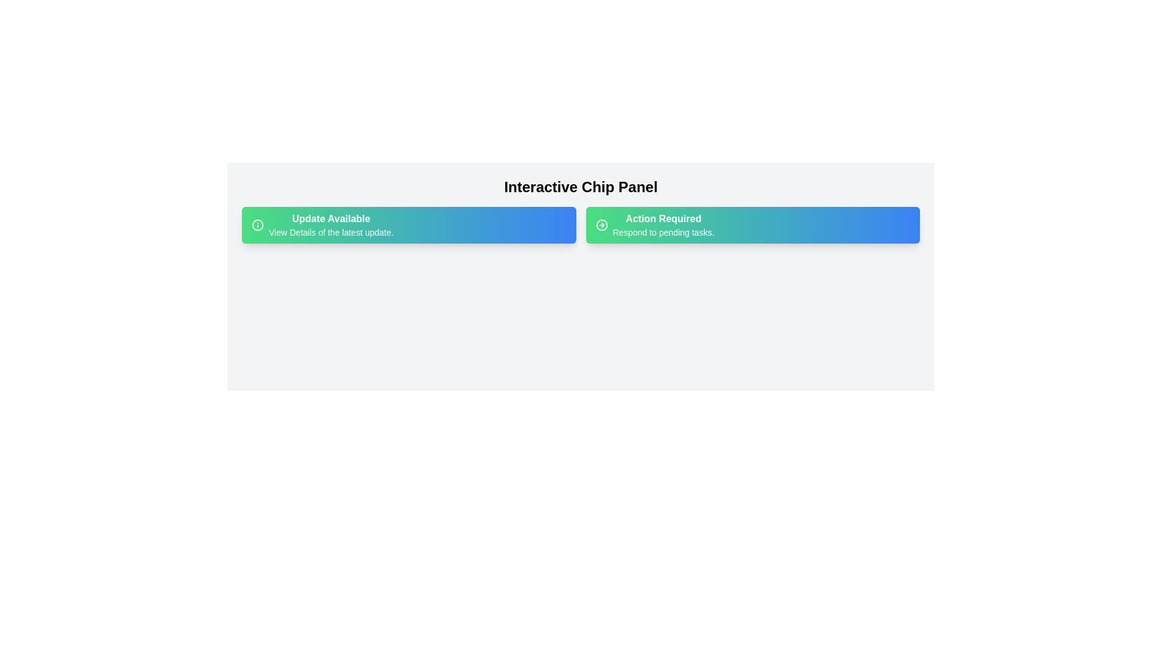 The image size is (1176, 661). Describe the element at coordinates (409, 225) in the screenshot. I see `the chip to highlight its gradient color transition` at that location.